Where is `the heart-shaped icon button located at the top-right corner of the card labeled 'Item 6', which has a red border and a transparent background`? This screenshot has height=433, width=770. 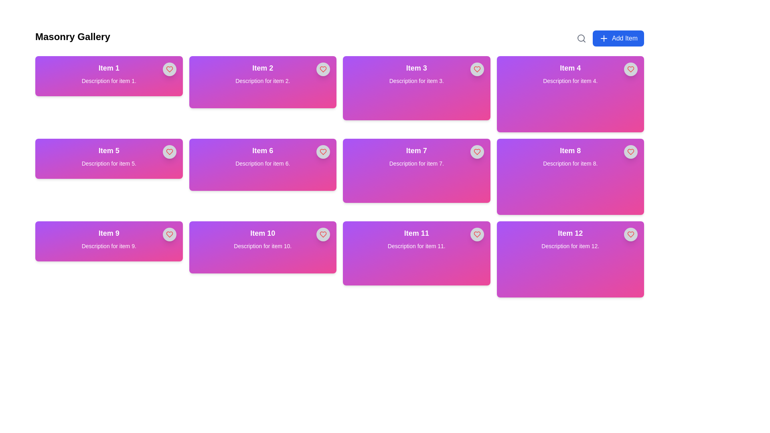 the heart-shaped icon button located at the top-right corner of the card labeled 'Item 6', which has a red border and a transparent background is located at coordinates (323, 152).